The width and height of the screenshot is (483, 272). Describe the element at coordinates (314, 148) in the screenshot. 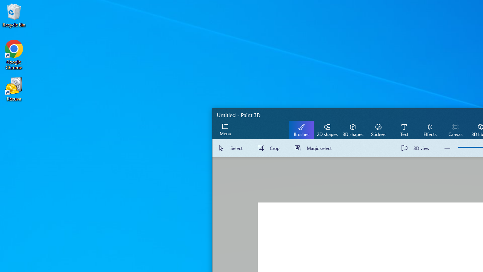

I see `'Magic select'` at that location.